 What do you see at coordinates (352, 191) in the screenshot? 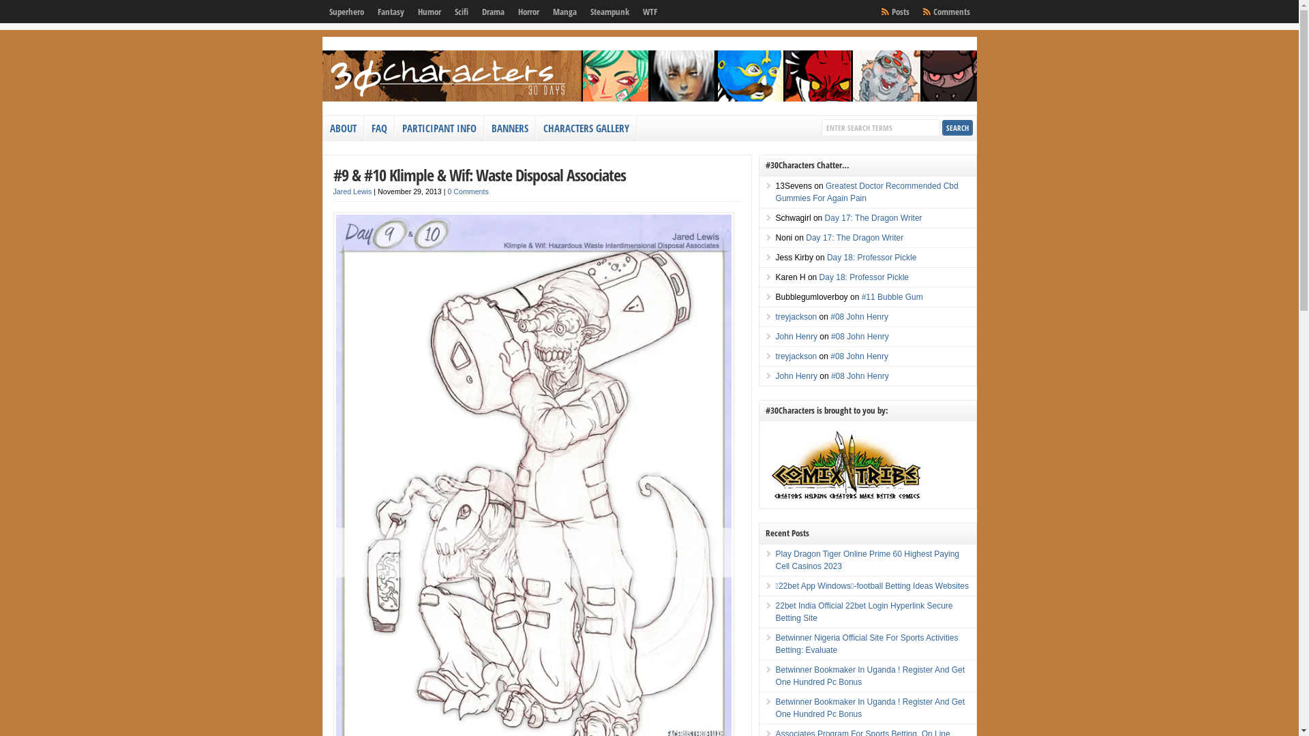
I see `'Jared Lewis'` at bounding box center [352, 191].